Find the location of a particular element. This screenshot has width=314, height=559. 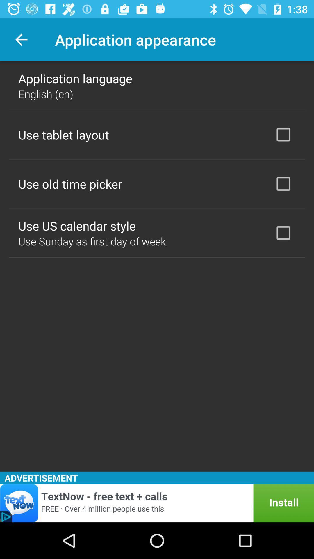

advertisement banner is located at coordinates (157, 503).